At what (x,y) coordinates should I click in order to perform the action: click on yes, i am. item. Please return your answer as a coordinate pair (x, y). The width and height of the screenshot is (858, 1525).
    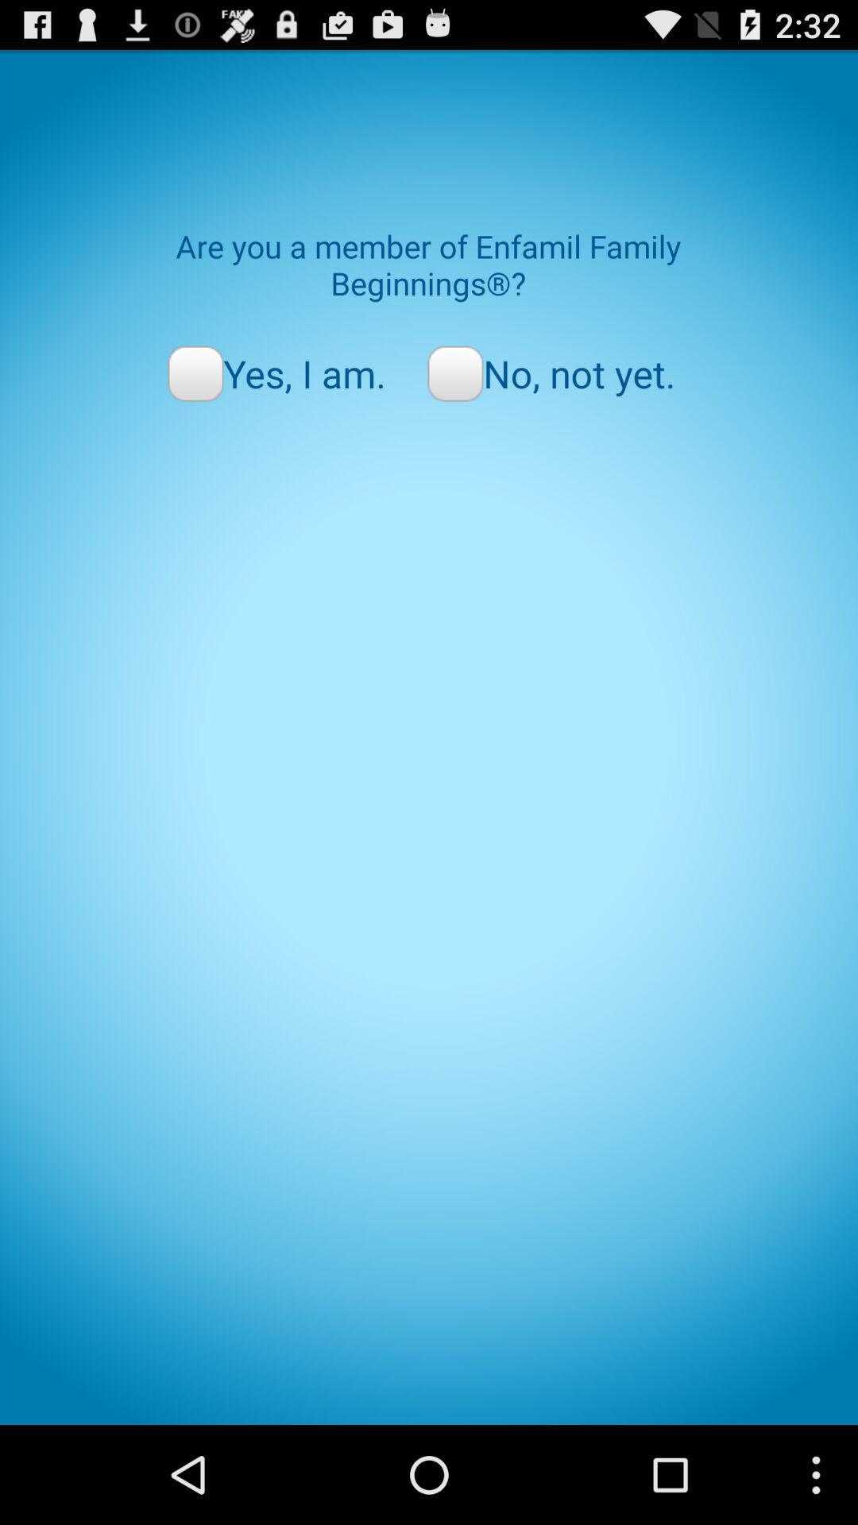
    Looking at the image, I should click on (276, 373).